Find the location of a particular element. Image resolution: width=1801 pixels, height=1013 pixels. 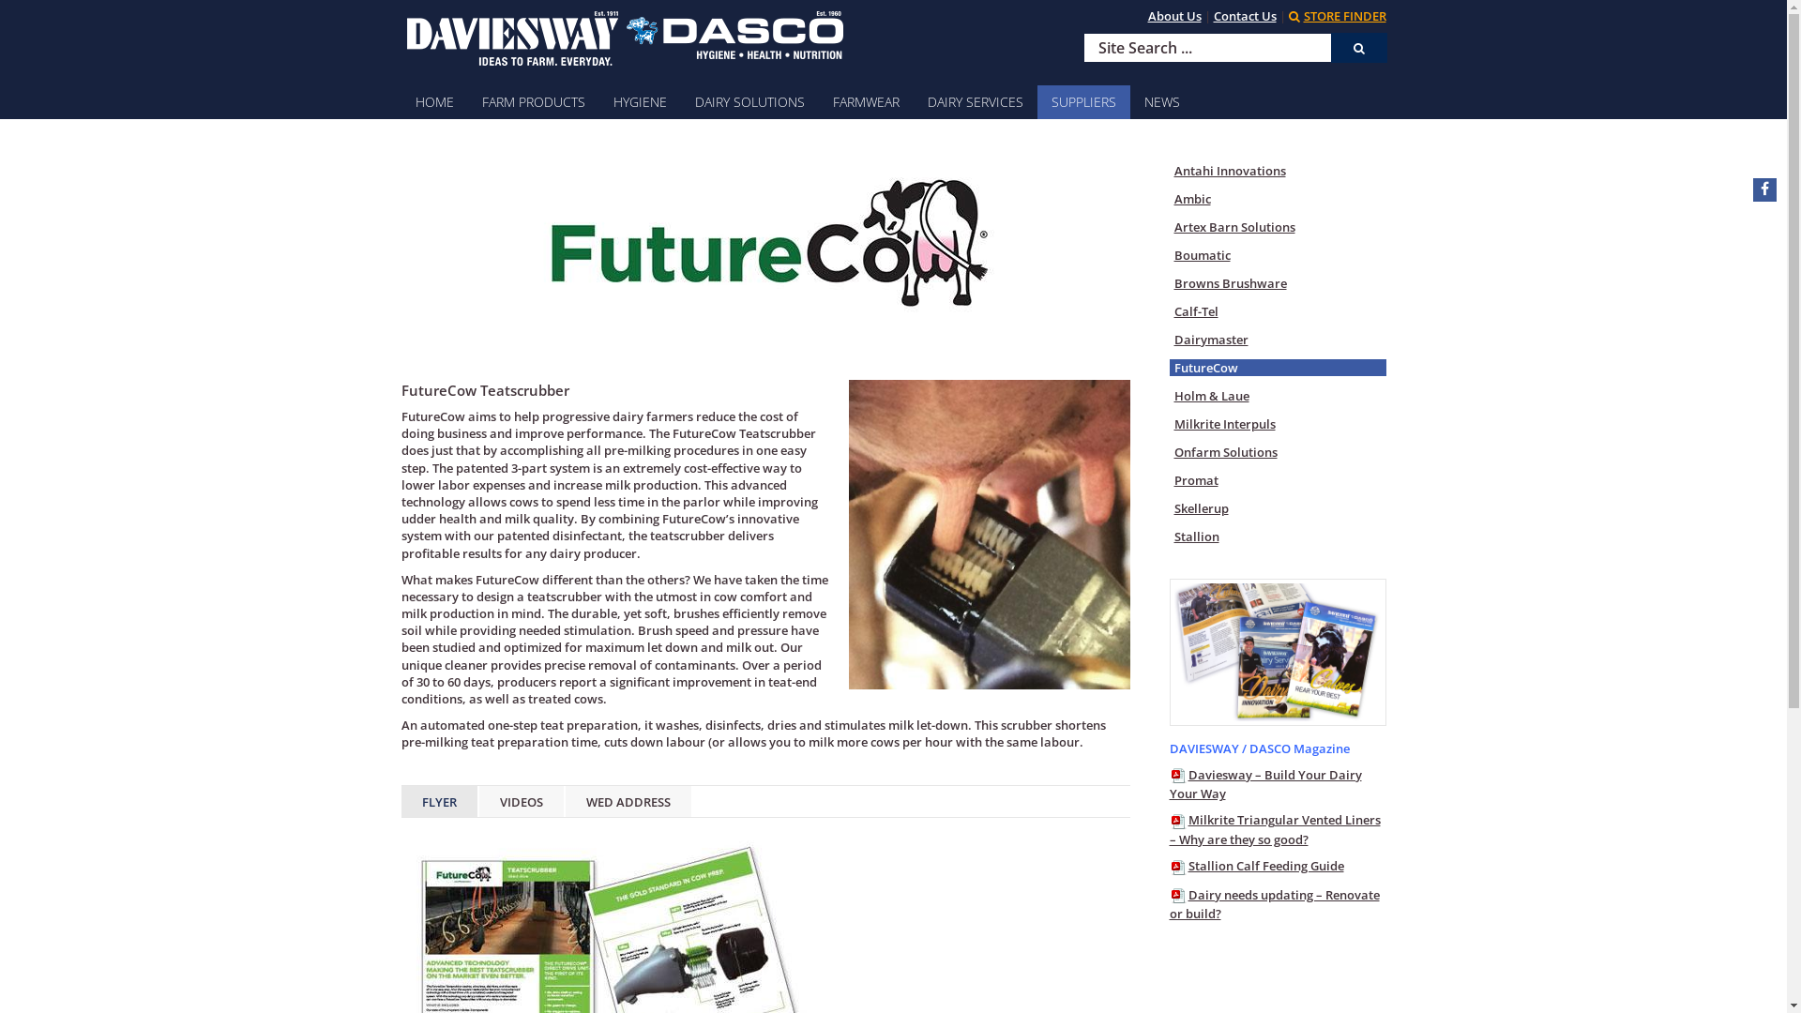

'Dairymaster' is located at coordinates (1276, 340).